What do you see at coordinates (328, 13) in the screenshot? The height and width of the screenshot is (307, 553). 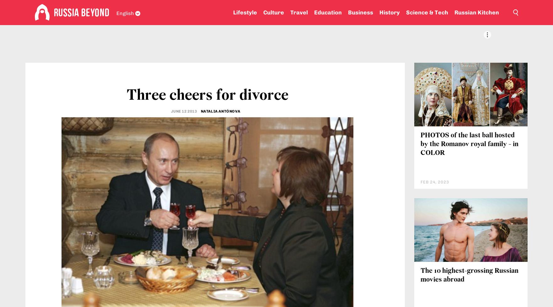 I see `'Education'` at bounding box center [328, 13].